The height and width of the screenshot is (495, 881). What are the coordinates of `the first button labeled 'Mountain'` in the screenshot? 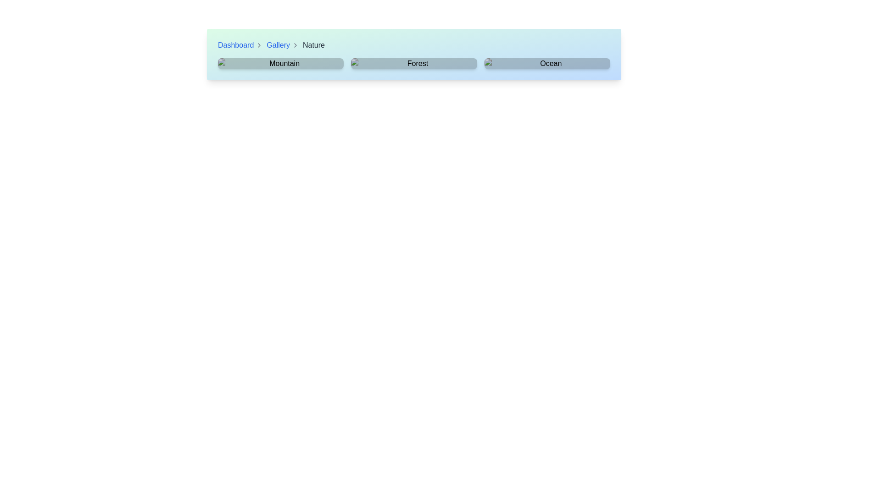 It's located at (280, 63).